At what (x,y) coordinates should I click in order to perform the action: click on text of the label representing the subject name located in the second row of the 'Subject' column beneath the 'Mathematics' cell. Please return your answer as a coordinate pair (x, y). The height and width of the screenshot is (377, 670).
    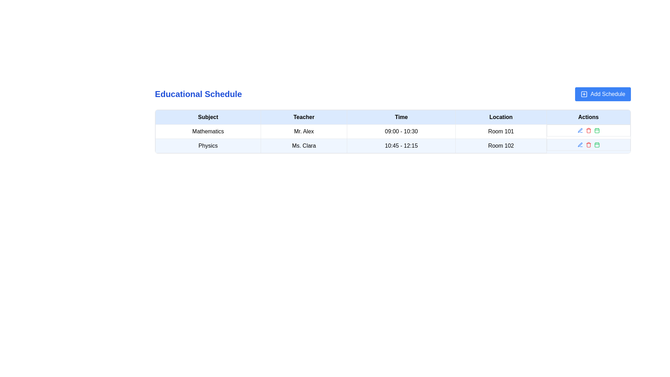
    Looking at the image, I should click on (208, 145).